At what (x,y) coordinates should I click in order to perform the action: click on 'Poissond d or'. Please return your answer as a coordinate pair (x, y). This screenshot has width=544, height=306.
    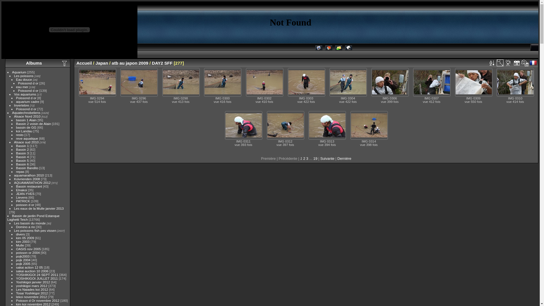
    Looking at the image, I should click on (16, 97).